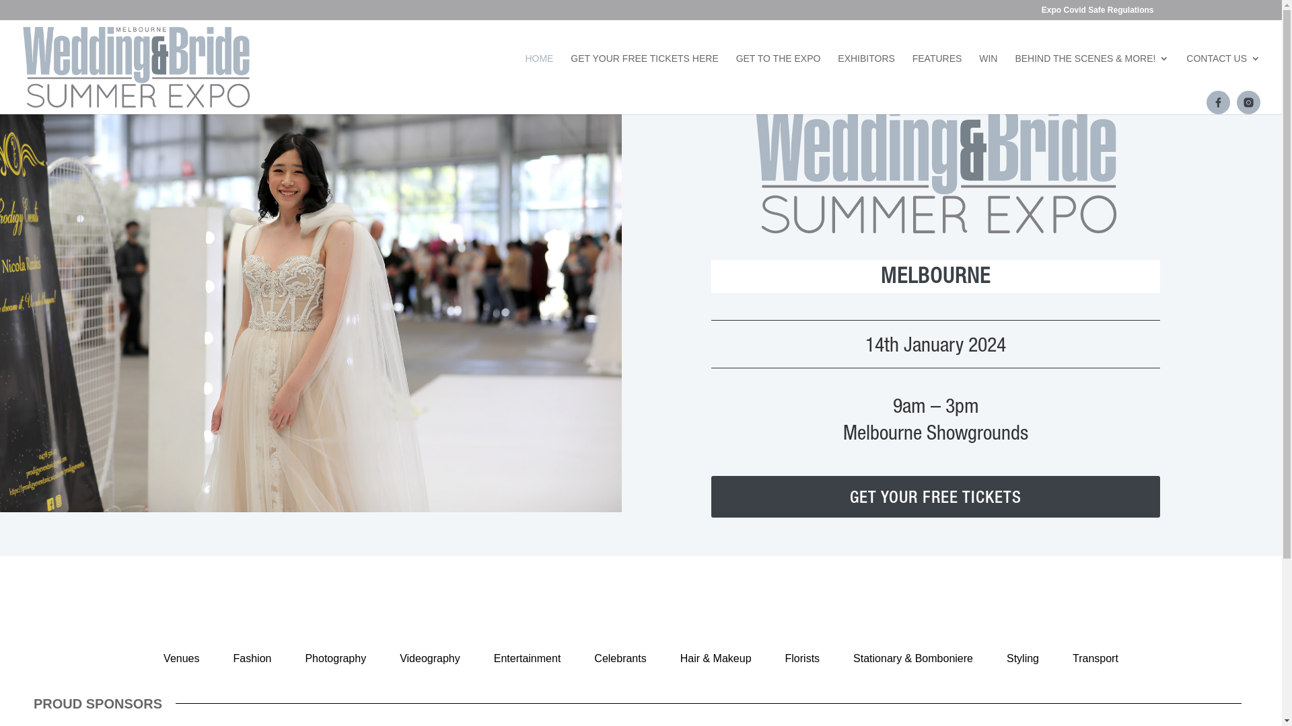  I want to click on 'GET TO THE EXPO', so click(778, 75).